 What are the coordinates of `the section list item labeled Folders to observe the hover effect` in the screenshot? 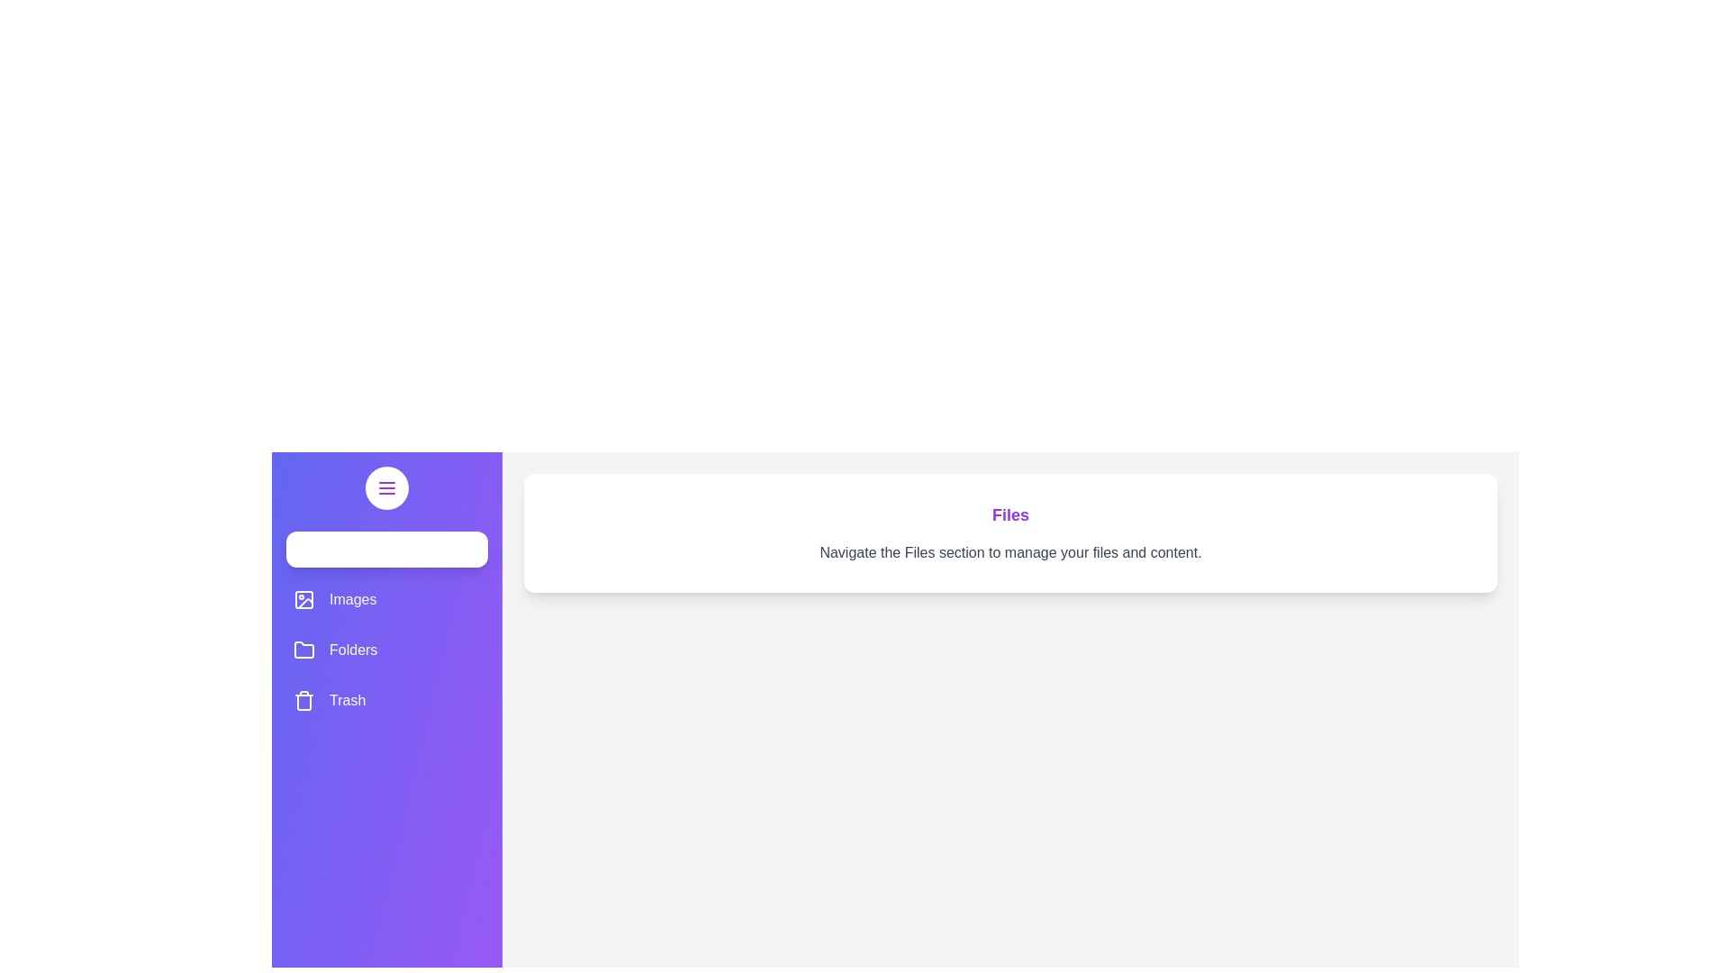 It's located at (386, 650).